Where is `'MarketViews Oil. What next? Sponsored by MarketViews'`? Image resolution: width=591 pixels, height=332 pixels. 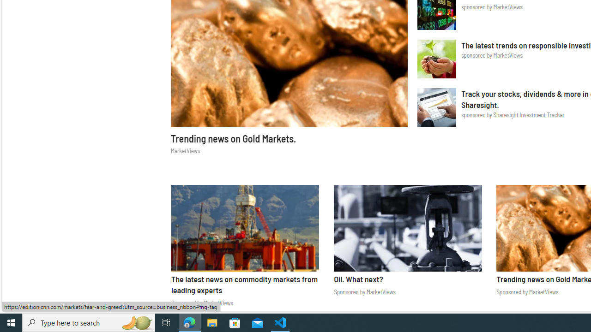 'MarketViews Oil. What next? Sponsored by MarketViews' is located at coordinates (407, 243).